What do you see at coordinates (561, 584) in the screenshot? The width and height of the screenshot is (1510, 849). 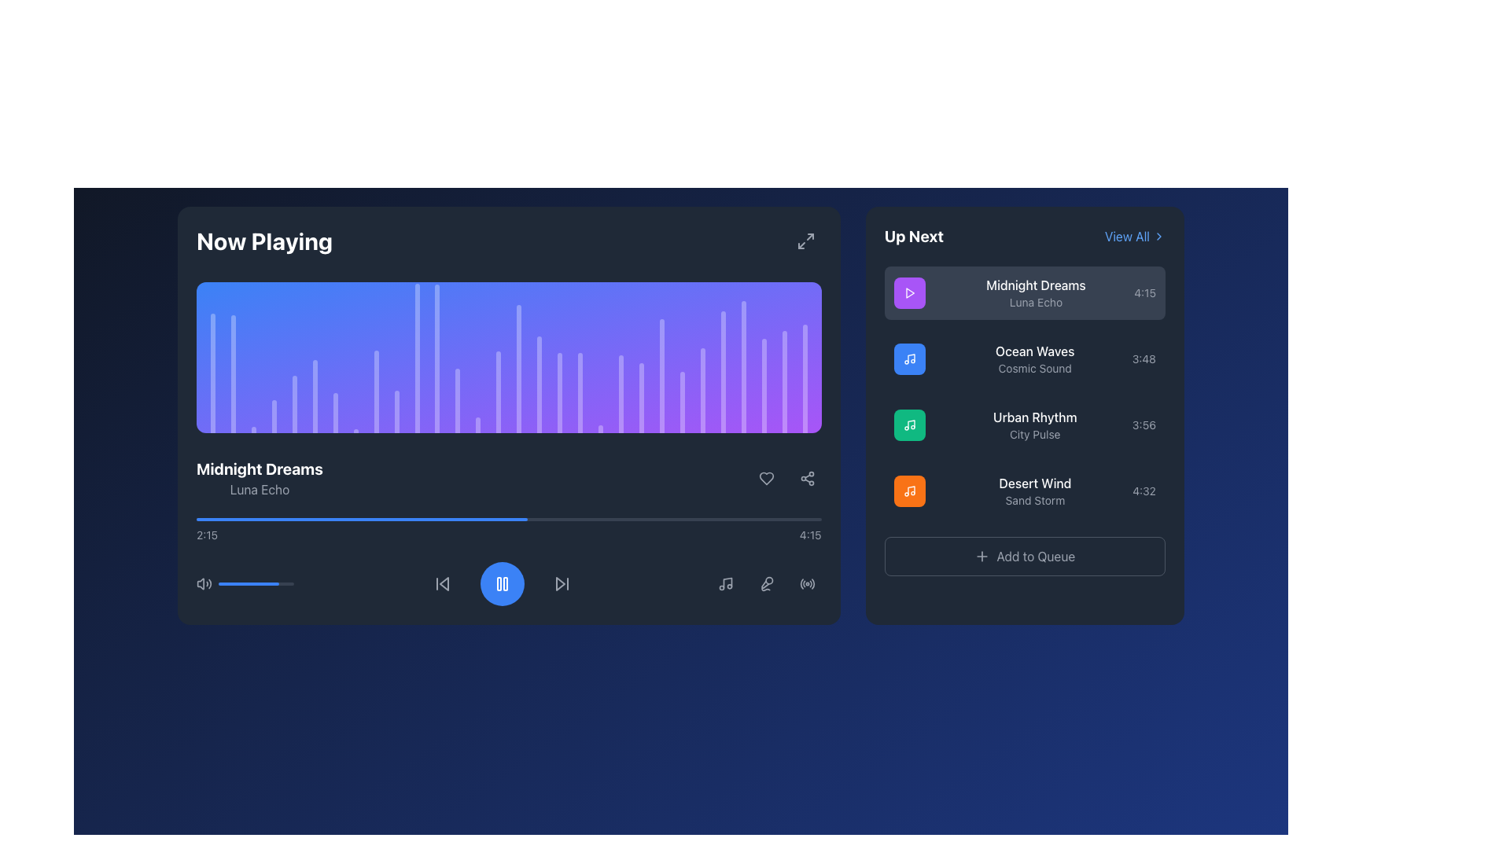 I see `the triangular shaped button with an arrowhead design located at the bottom central section of the interface near the playback controls` at bounding box center [561, 584].